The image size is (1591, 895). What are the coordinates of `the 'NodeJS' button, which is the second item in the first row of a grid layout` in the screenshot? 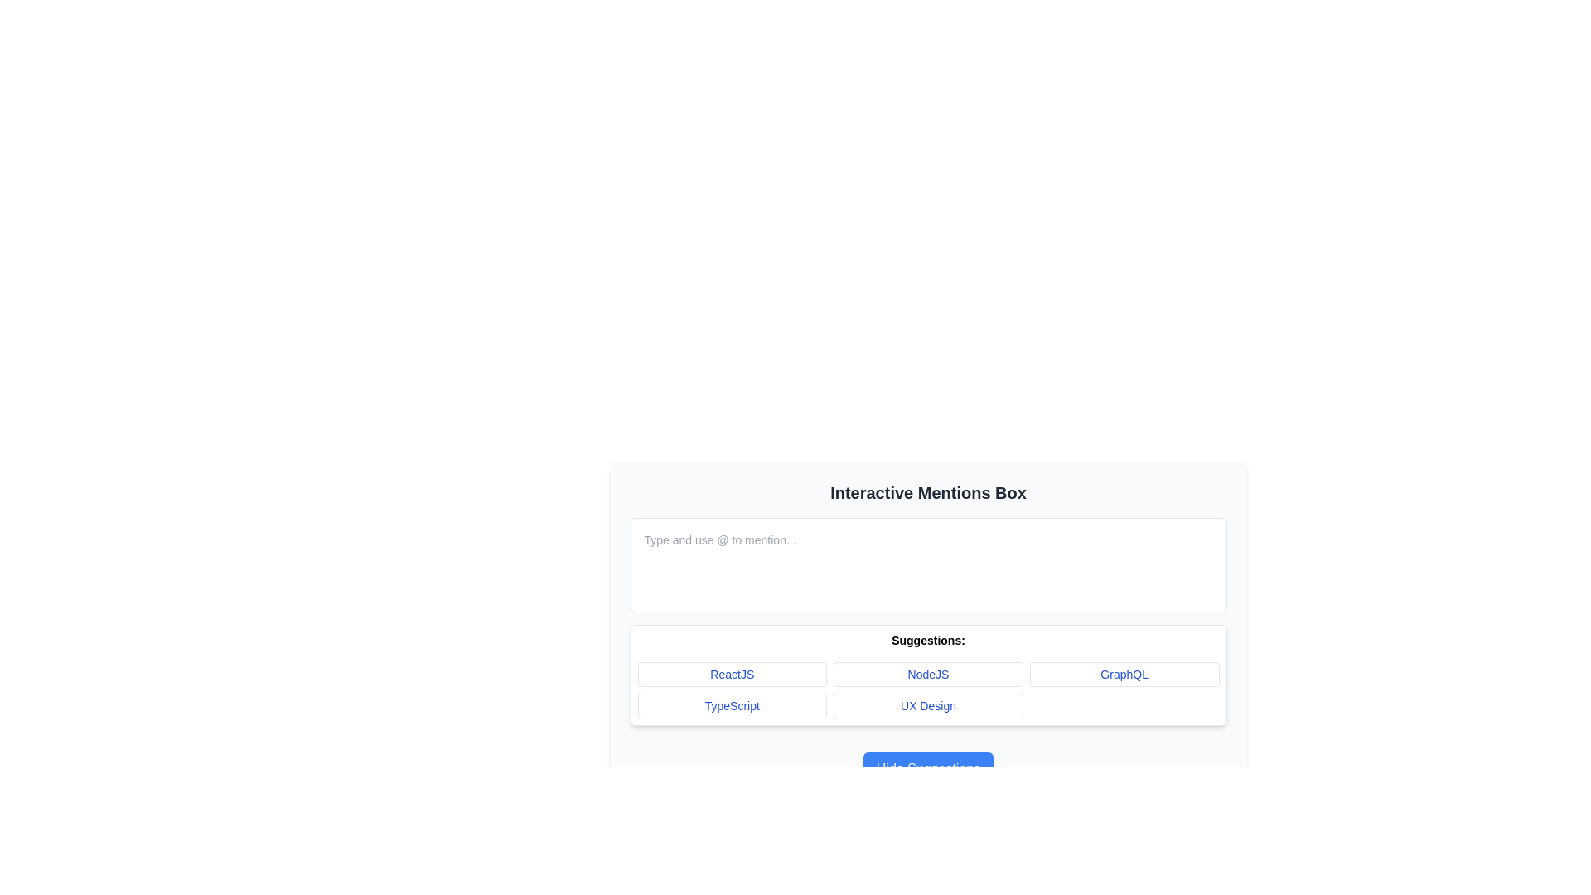 It's located at (928, 674).